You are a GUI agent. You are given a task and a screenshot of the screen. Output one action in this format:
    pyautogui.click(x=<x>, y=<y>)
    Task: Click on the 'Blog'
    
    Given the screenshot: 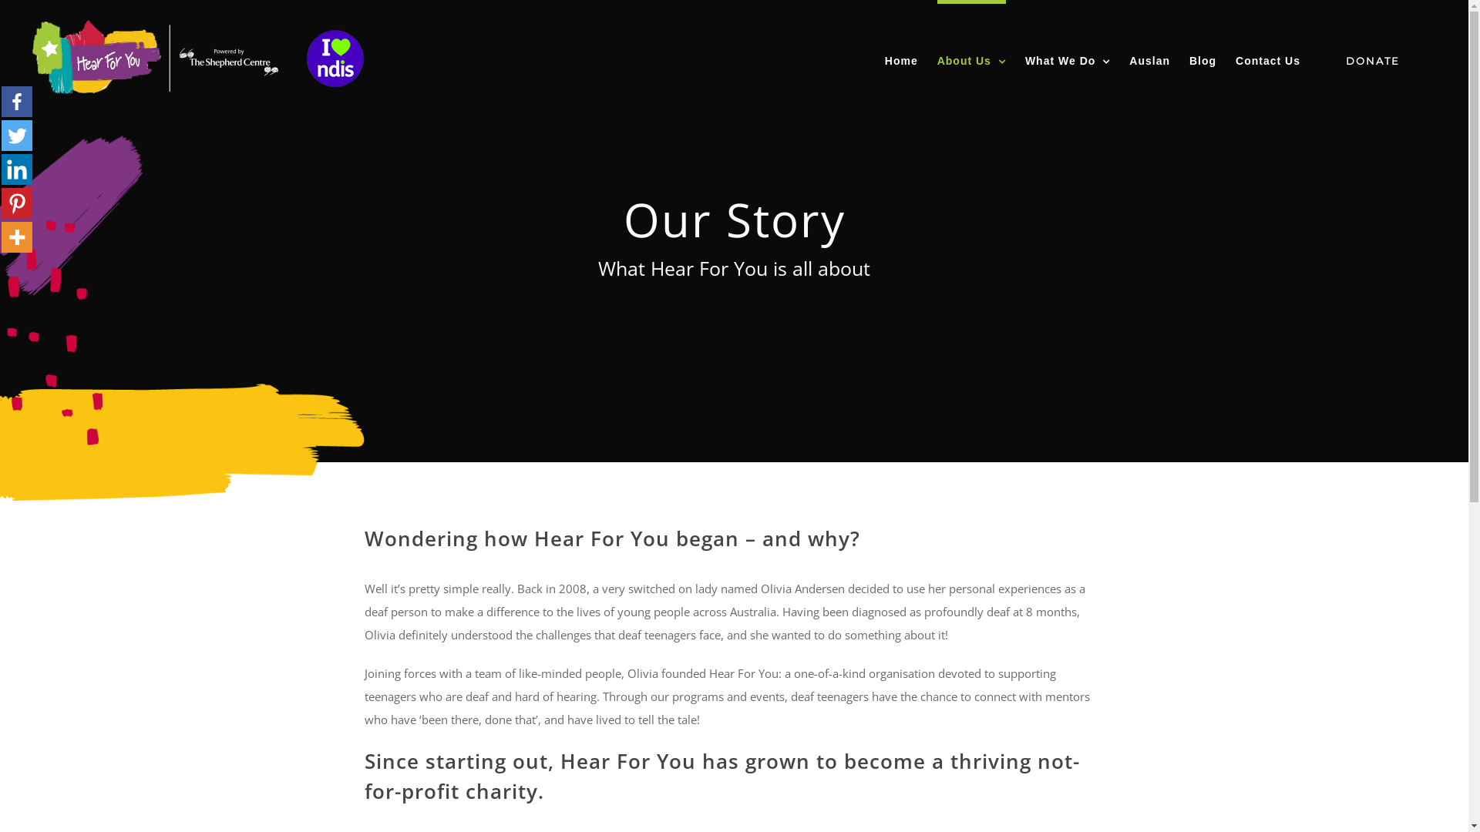 What is the action you would take?
    pyautogui.click(x=1188, y=58)
    